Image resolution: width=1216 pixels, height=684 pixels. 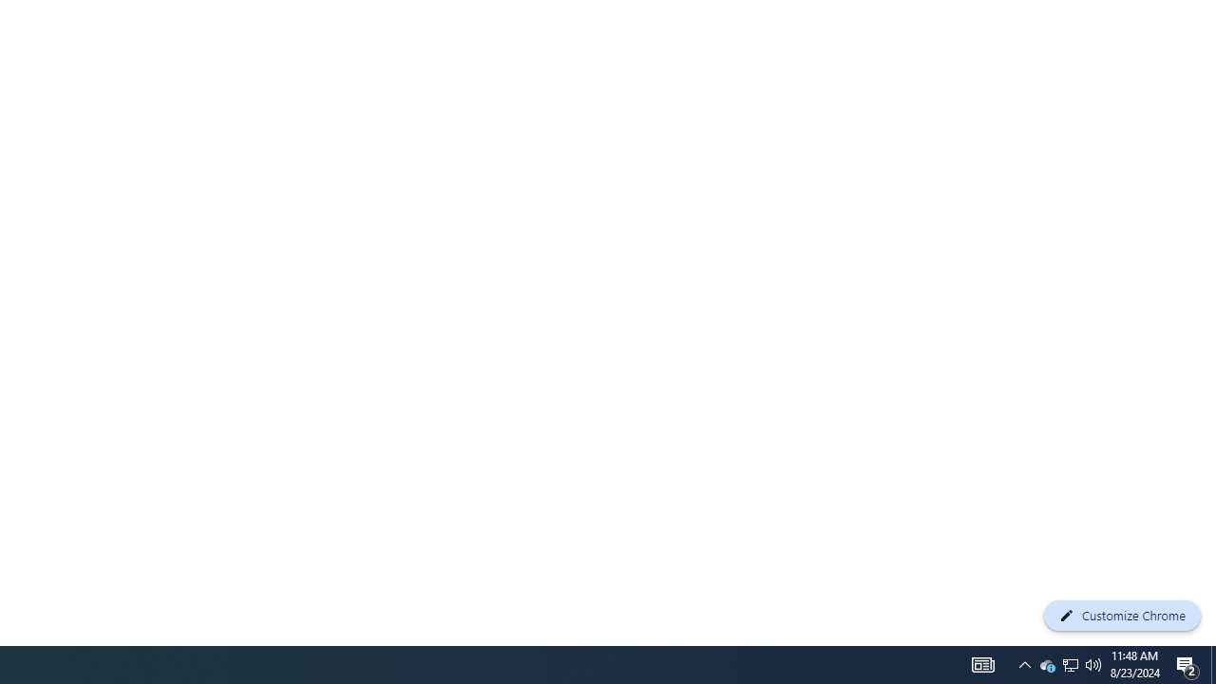 What do you see at coordinates (982, 663) in the screenshot?
I see `'AutomationID: 4105'` at bounding box center [982, 663].